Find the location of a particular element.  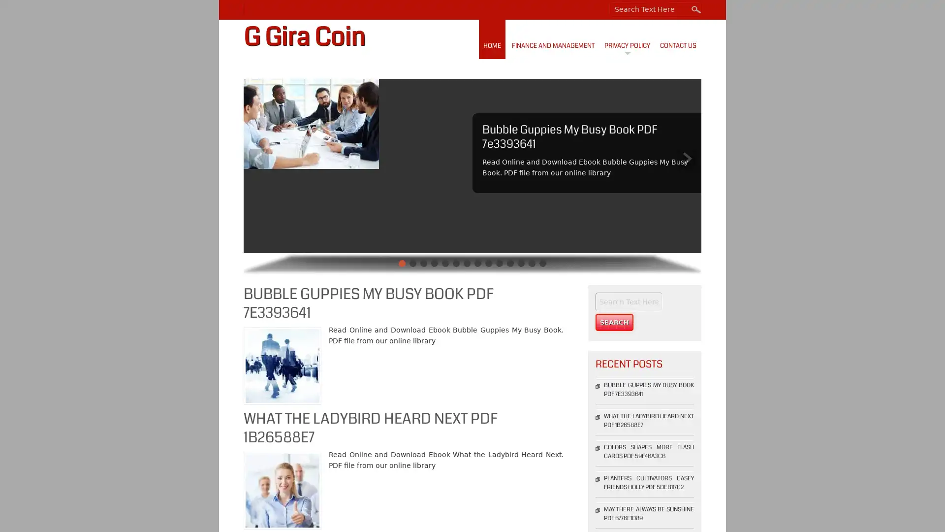

Search is located at coordinates (614, 322).